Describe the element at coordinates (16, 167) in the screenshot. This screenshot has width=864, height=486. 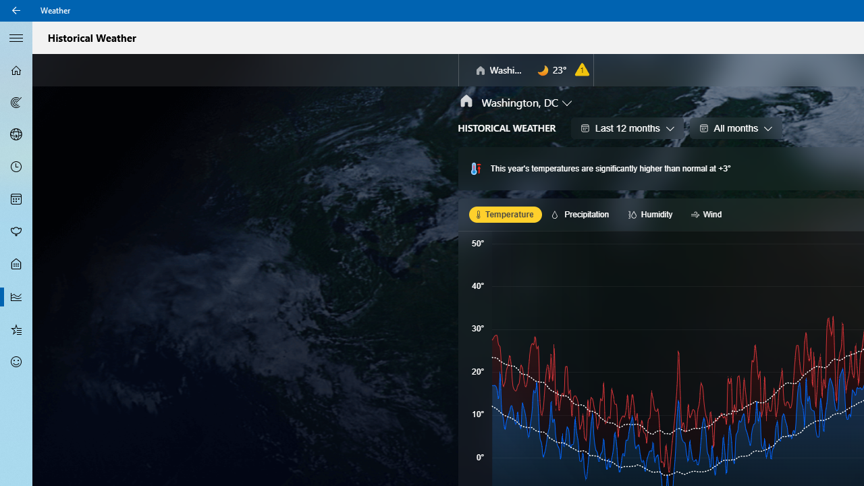
I see `'Hourly Forecast - Not Selected'` at that location.